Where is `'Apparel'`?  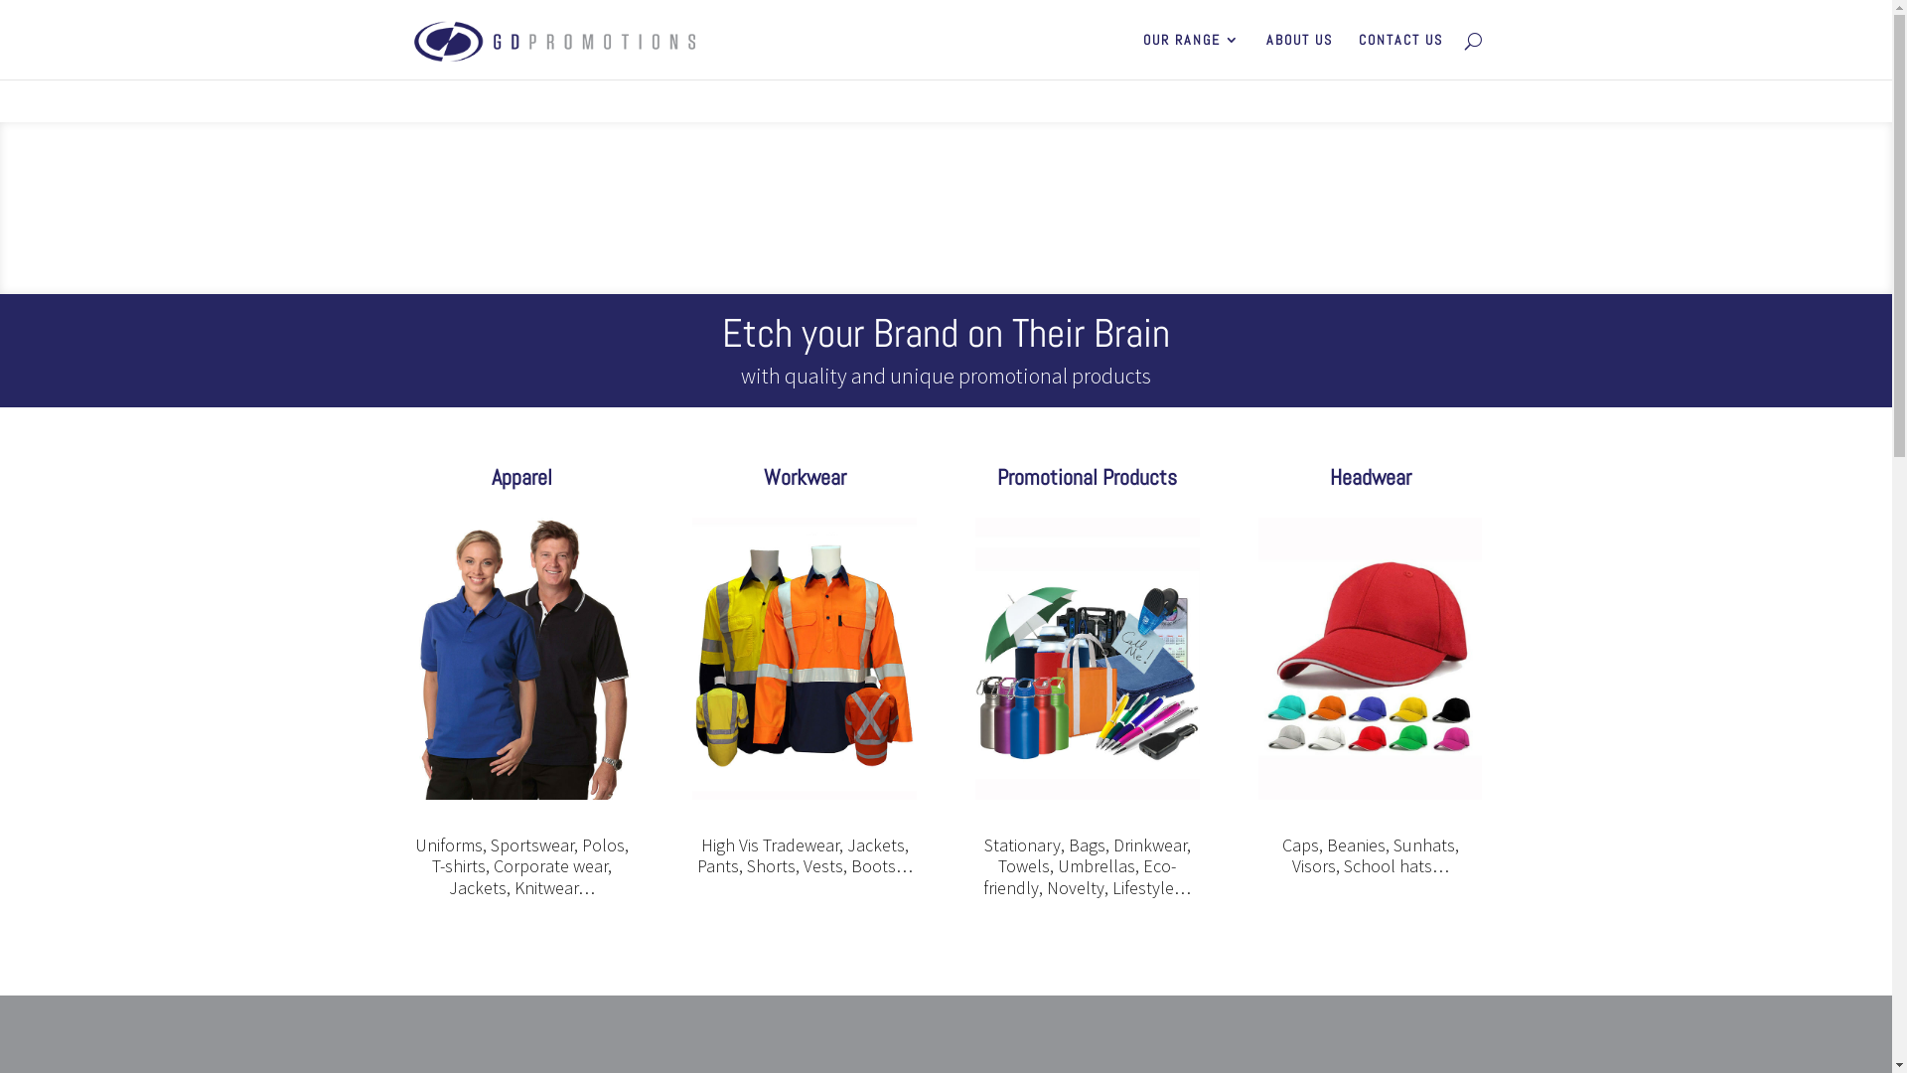 'Apparel' is located at coordinates (521, 476).